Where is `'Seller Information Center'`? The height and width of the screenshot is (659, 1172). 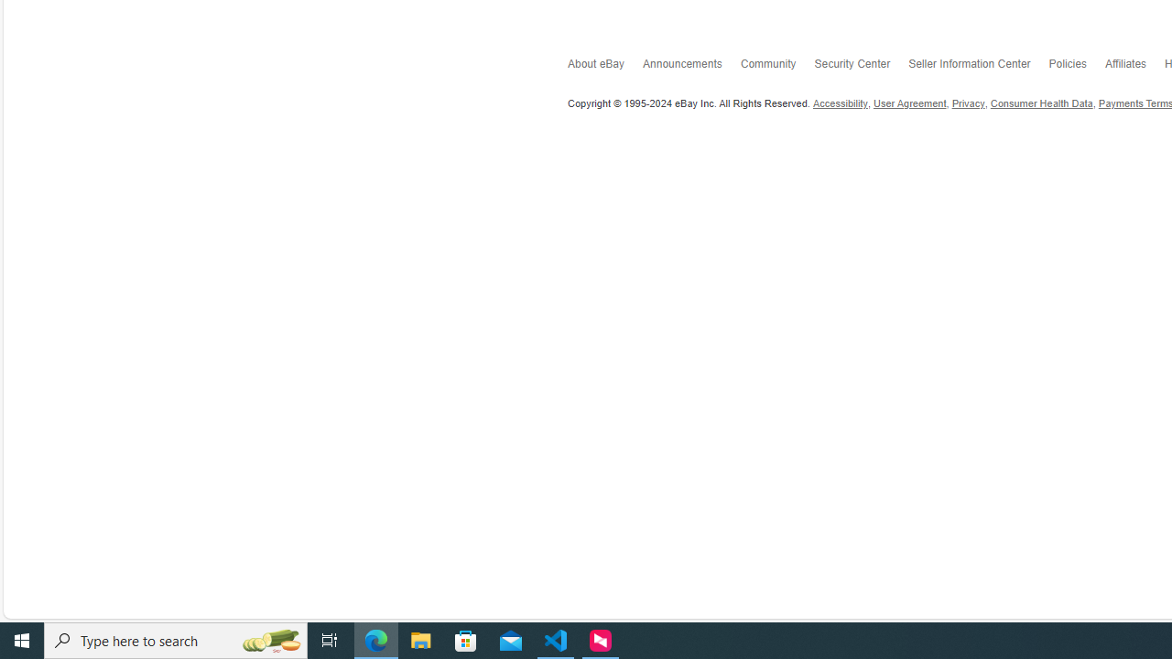 'Seller Information Center' is located at coordinates (977, 67).